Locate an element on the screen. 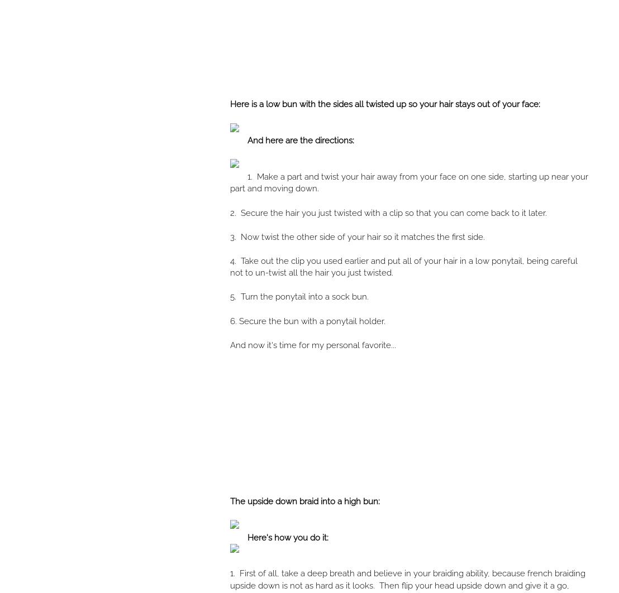 This screenshot has width=619, height=593. '1.  Make a part and twist your hair away from your face on one side, starting up near your part and moving down.' is located at coordinates (408, 182).